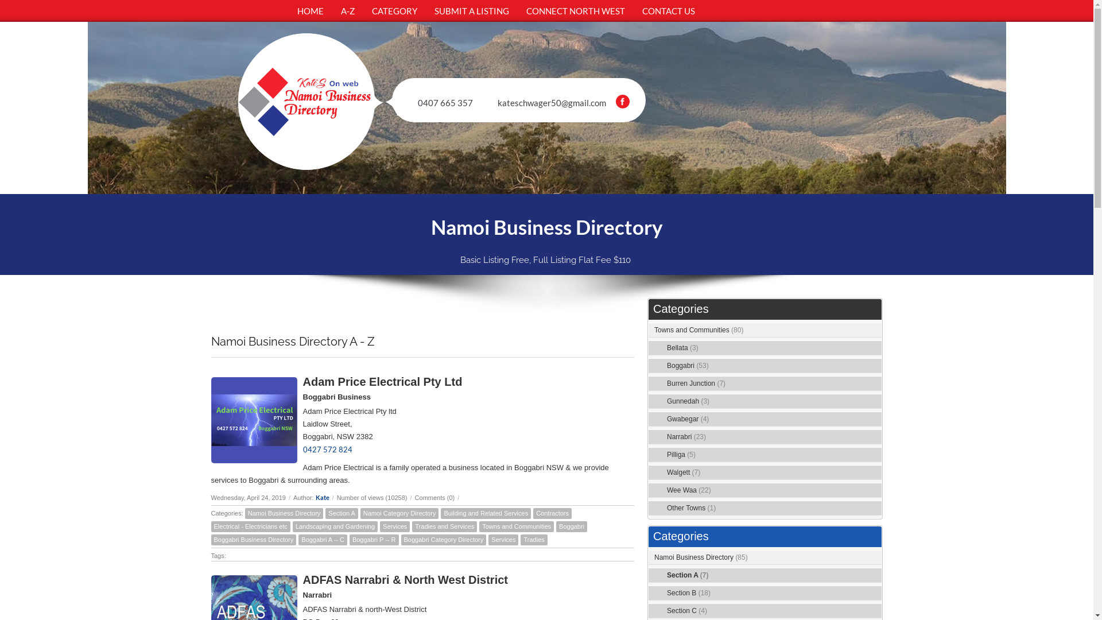  Describe the element at coordinates (445, 102) in the screenshot. I see `'0407 665 357'` at that location.